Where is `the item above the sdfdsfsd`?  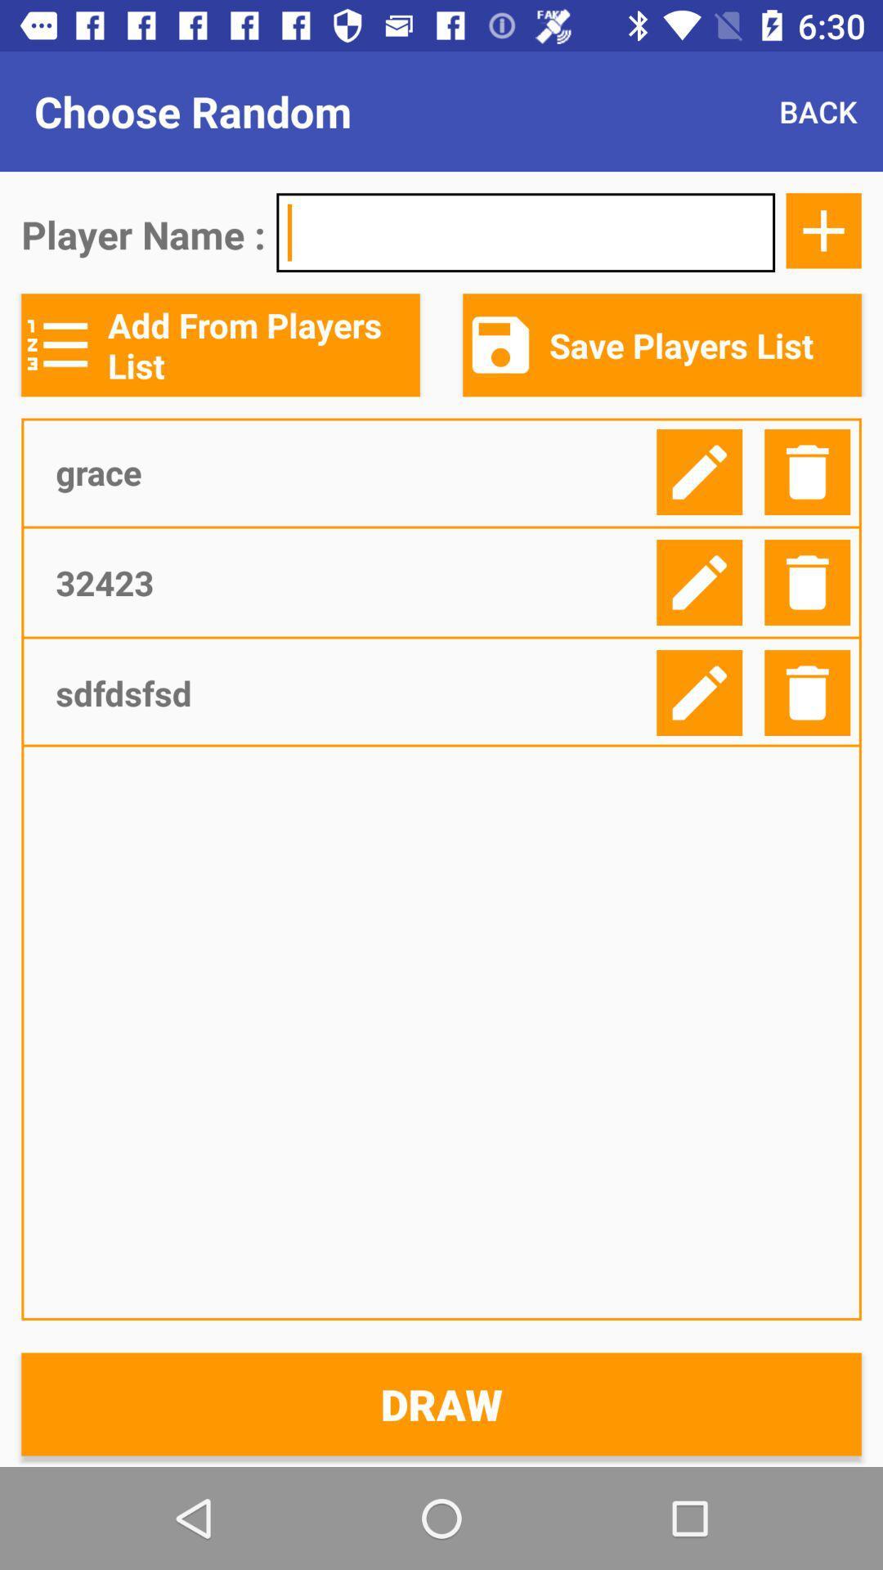 the item above the sdfdsfsd is located at coordinates (349, 582).